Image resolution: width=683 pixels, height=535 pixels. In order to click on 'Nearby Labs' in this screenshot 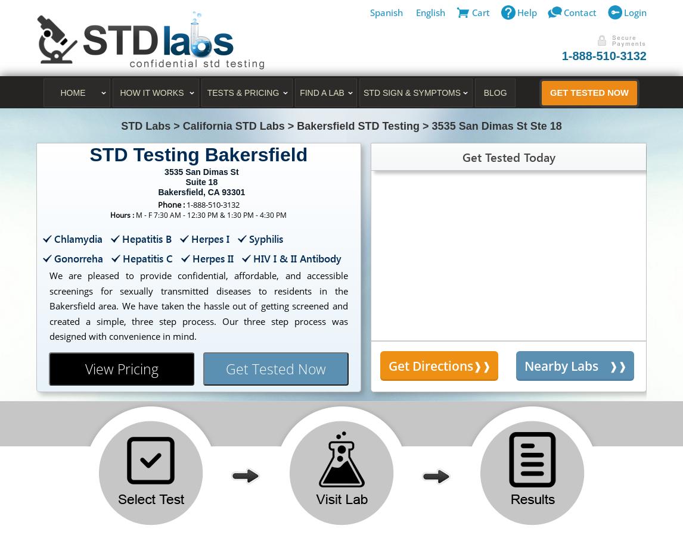, I will do `click(561, 365)`.